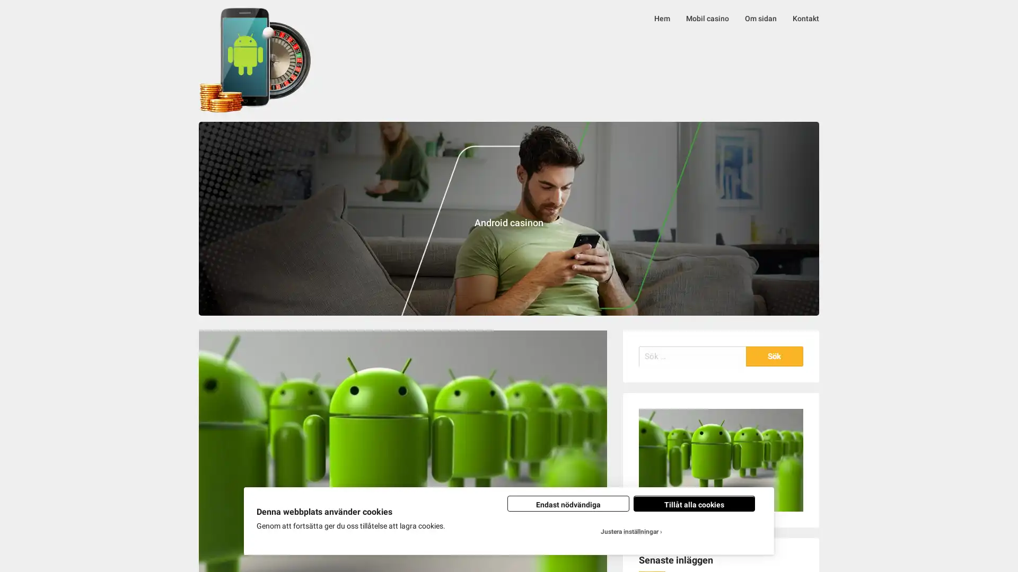 The image size is (1018, 572). Describe the element at coordinates (567, 503) in the screenshot. I see `Endast nodvandiga` at that location.